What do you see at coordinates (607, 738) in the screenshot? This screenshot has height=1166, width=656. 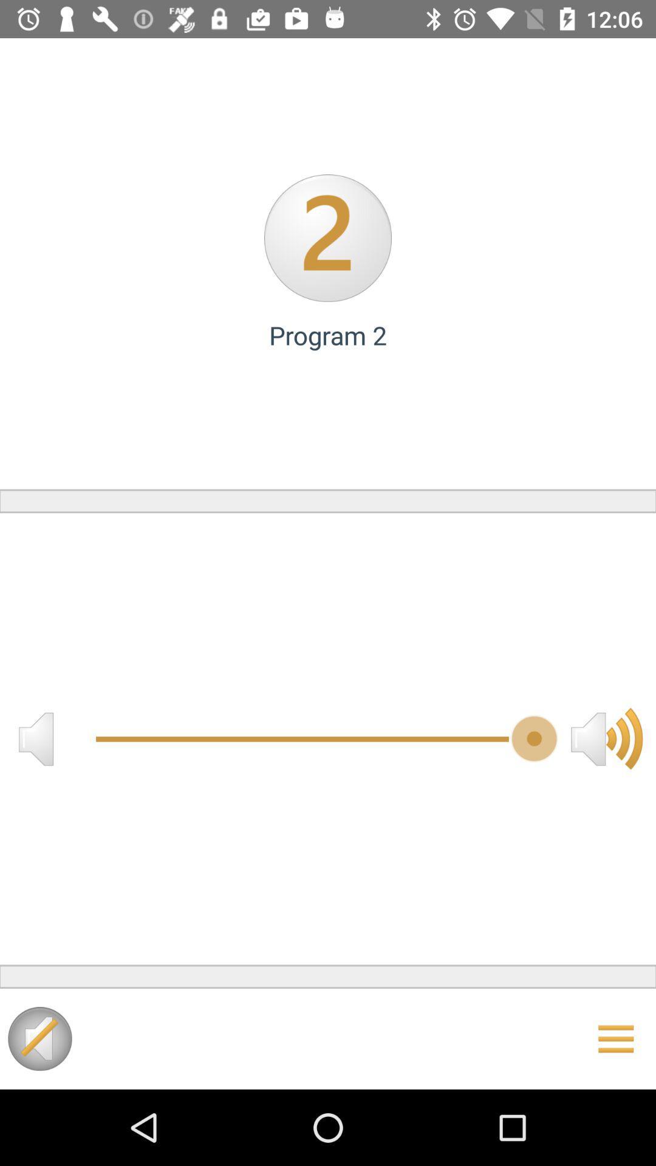 I see `the volume icon` at bounding box center [607, 738].